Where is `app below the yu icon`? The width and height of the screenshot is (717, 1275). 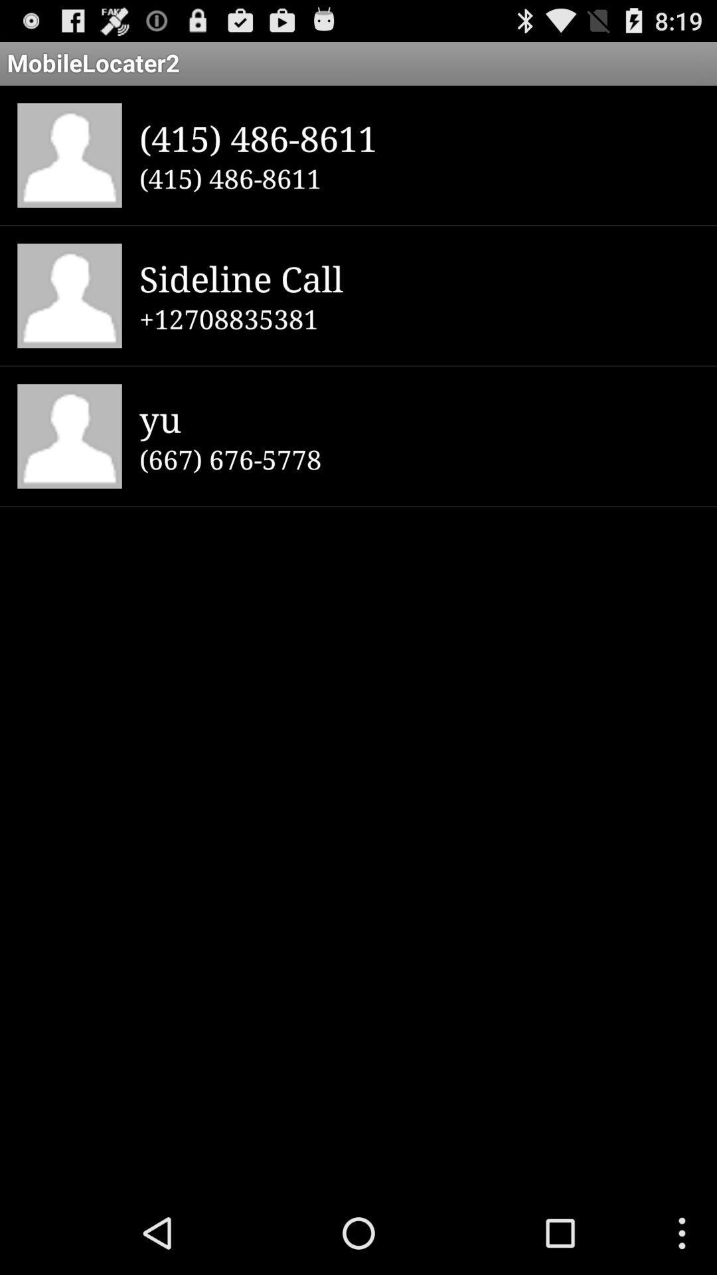 app below the yu icon is located at coordinates (419, 459).